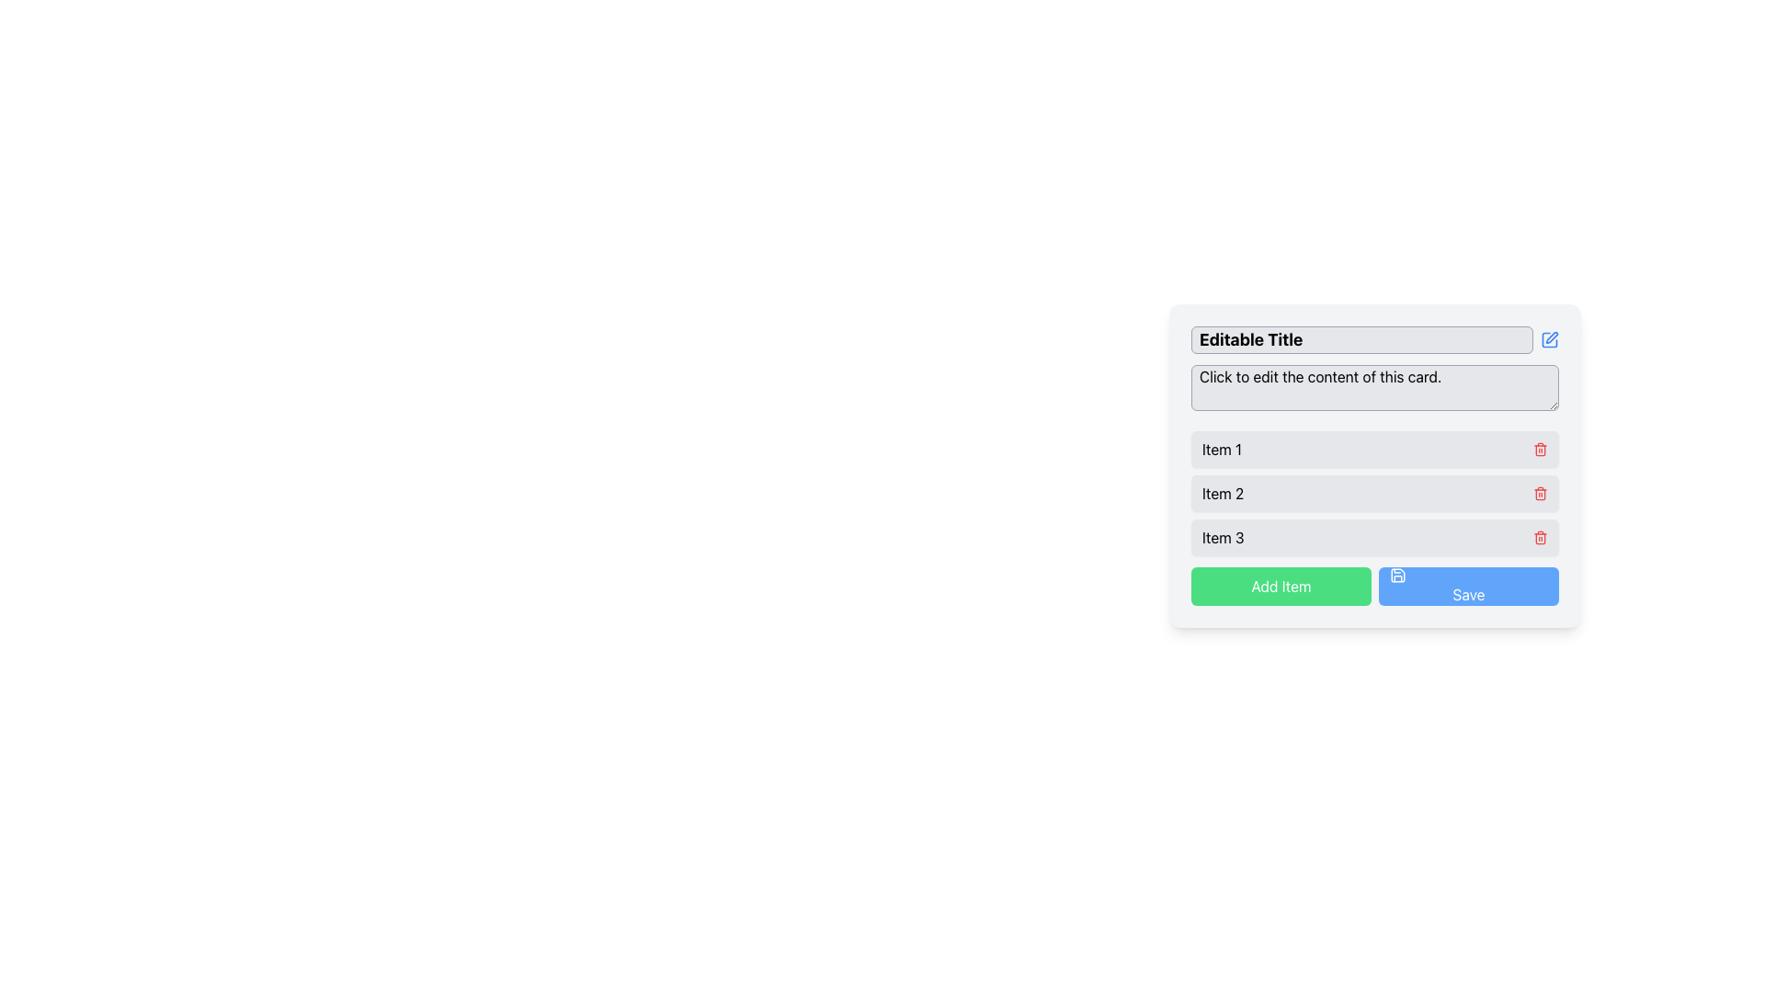 Image resolution: width=1765 pixels, height=993 pixels. Describe the element at coordinates (1397, 574) in the screenshot. I see `the first segment of the save icon, which is a rectangular shape with a tapering side, located at the center of the UI near the bottom middle of the card interface` at that location.